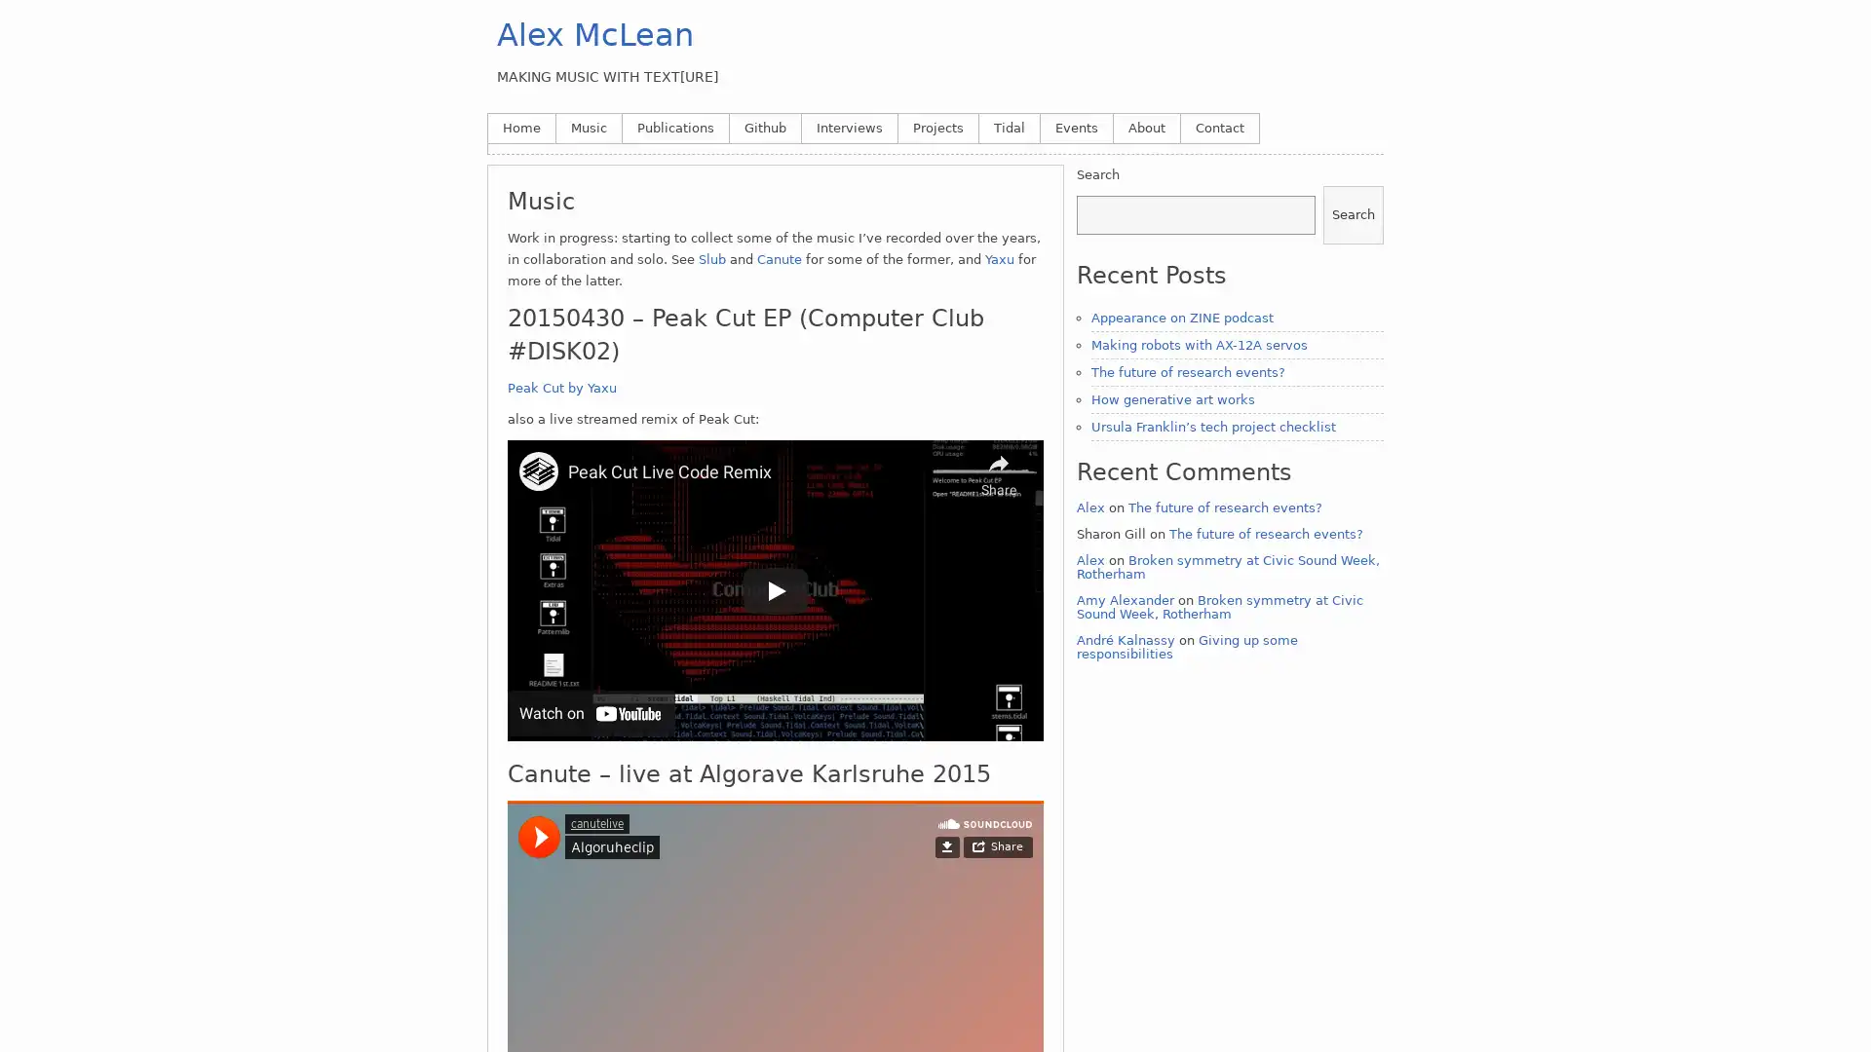 This screenshot has width=1871, height=1052. Describe the element at coordinates (1352, 214) in the screenshot. I see `Search` at that location.